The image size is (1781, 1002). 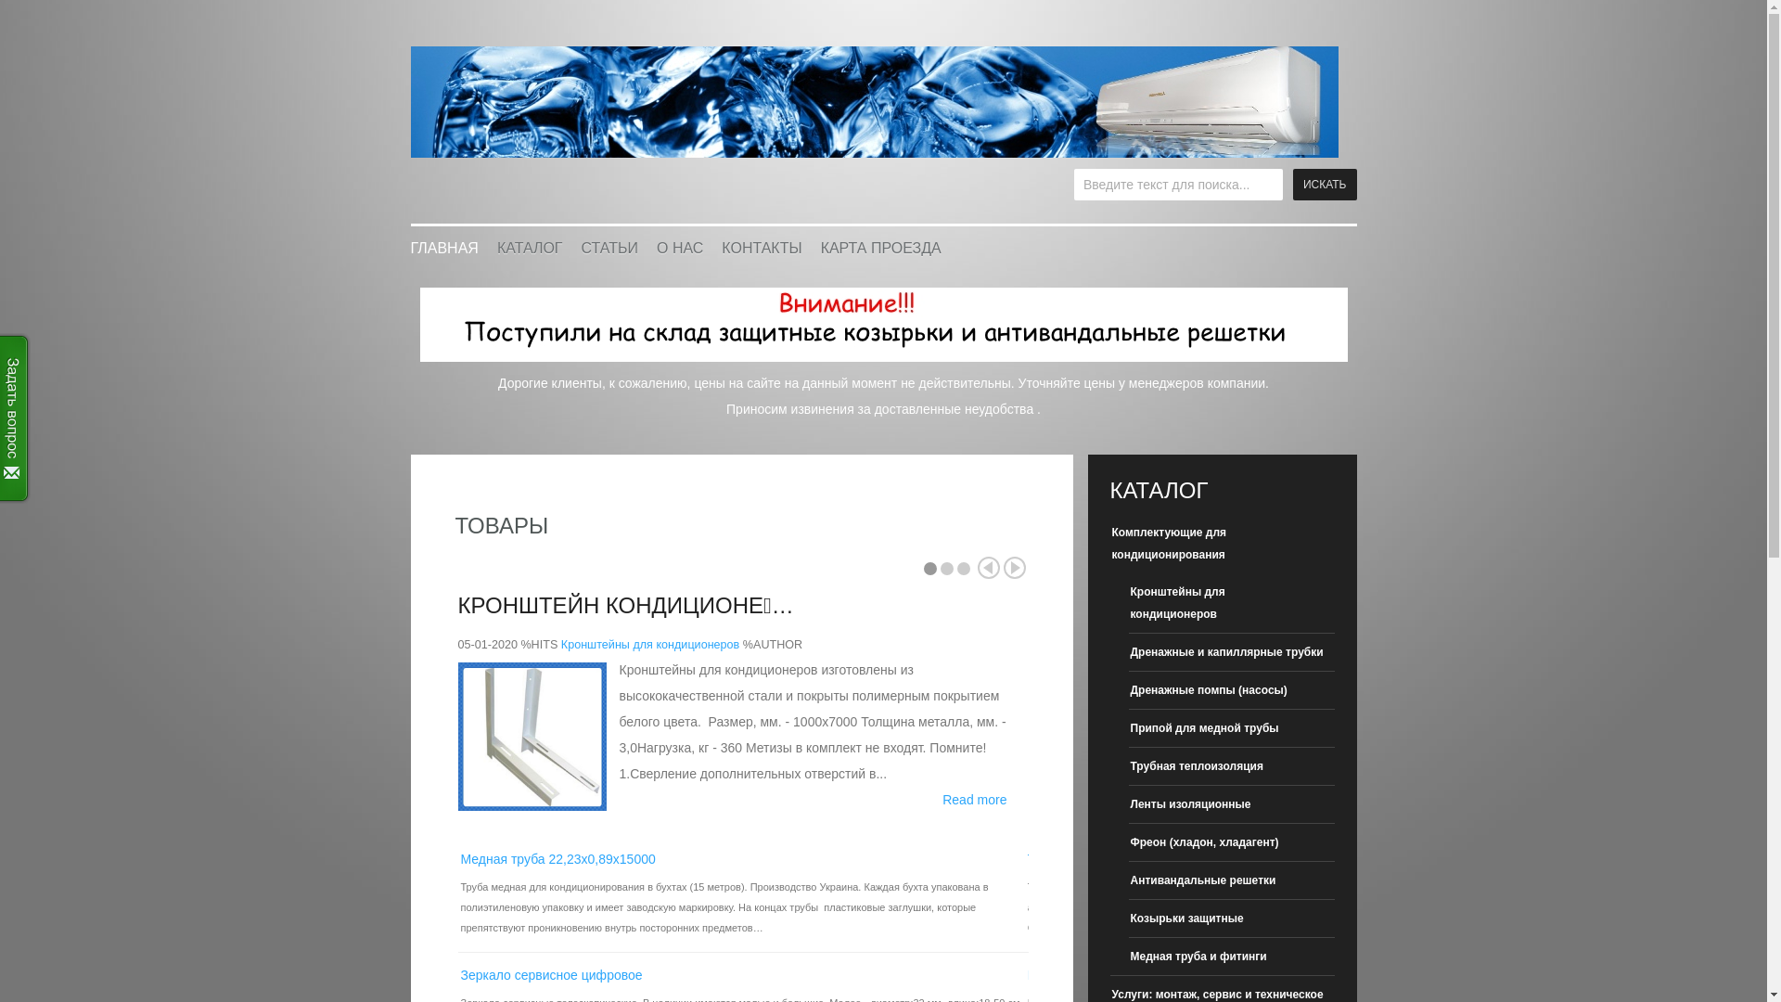 What do you see at coordinates (930, 568) in the screenshot?
I see `'1'` at bounding box center [930, 568].